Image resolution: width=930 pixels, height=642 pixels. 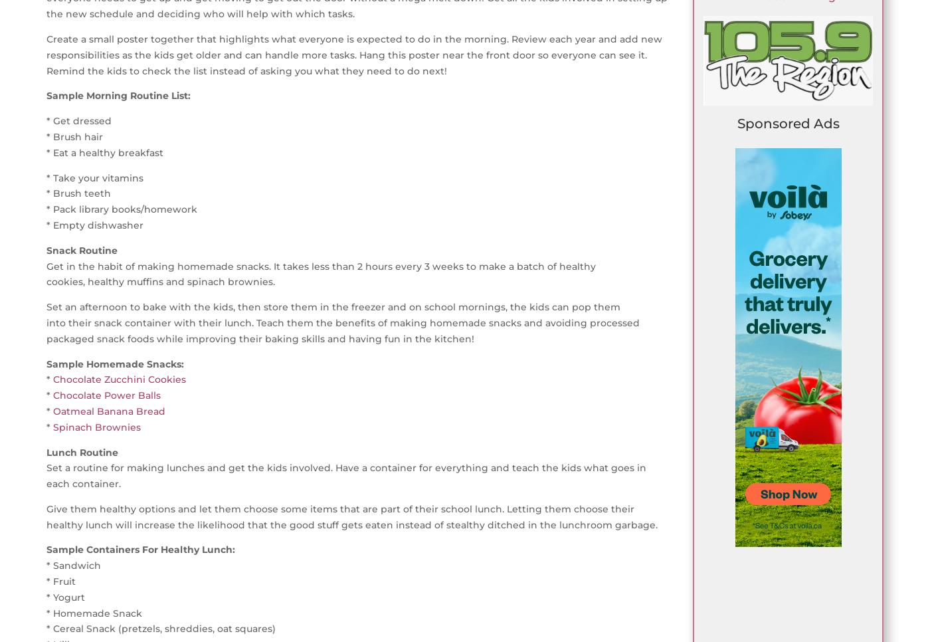 What do you see at coordinates (787, 123) in the screenshot?
I see `'Sponsored Ads'` at bounding box center [787, 123].